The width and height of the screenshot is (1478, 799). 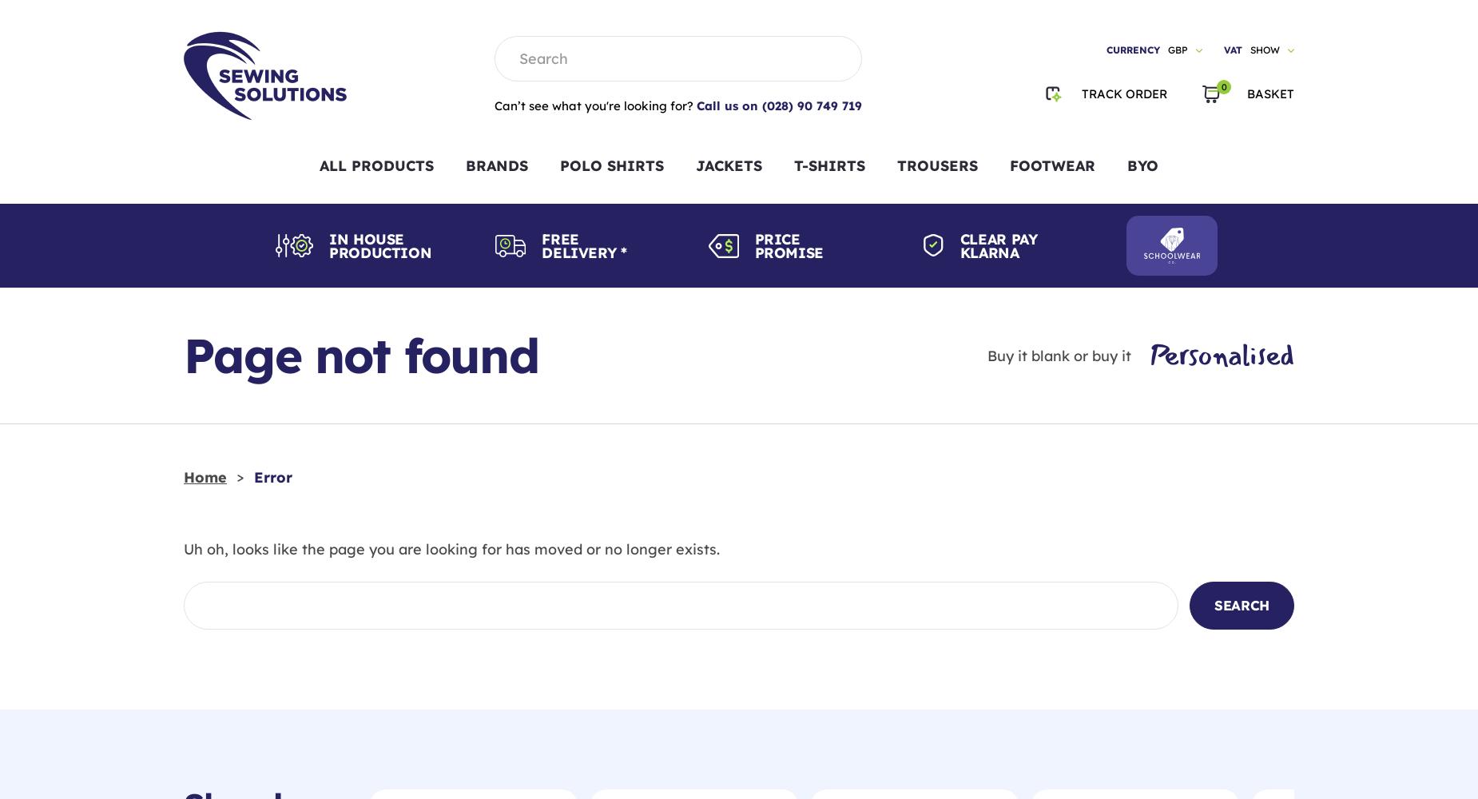 I want to click on 'Currency', so click(x=1133, y=49).